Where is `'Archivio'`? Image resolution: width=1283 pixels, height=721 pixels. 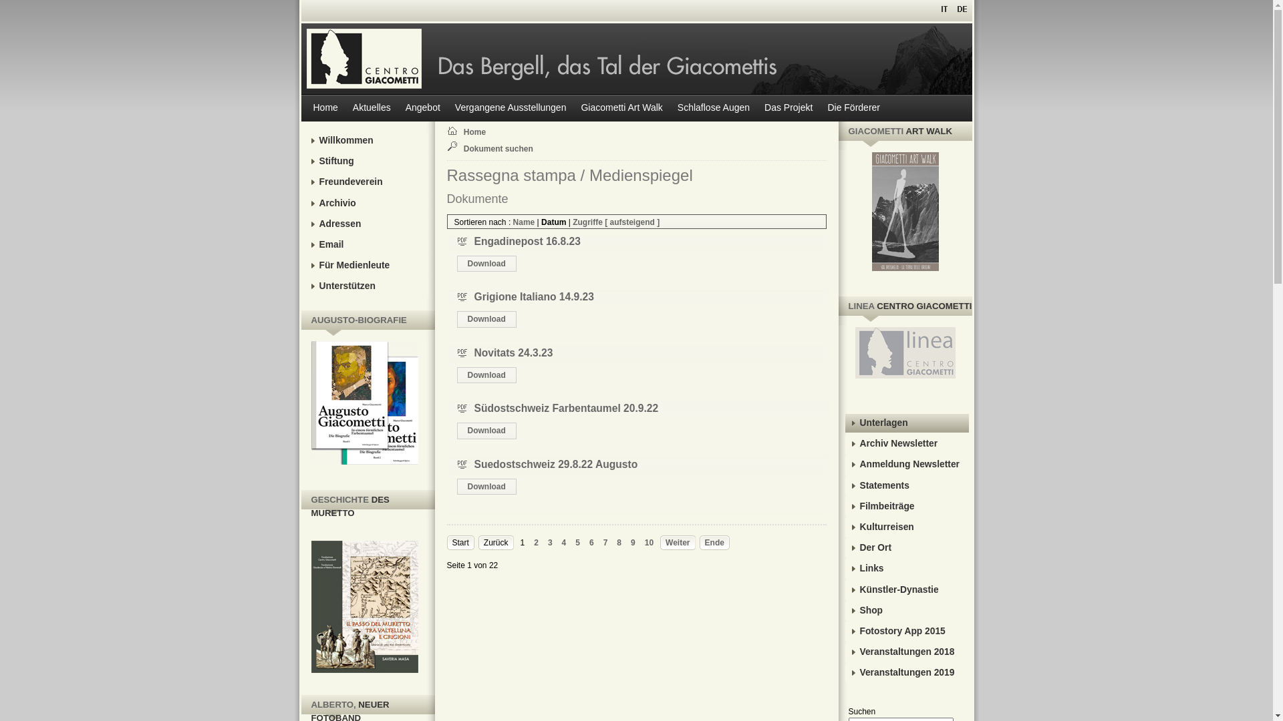
'Archivio' is located at coordinates (366, 203).